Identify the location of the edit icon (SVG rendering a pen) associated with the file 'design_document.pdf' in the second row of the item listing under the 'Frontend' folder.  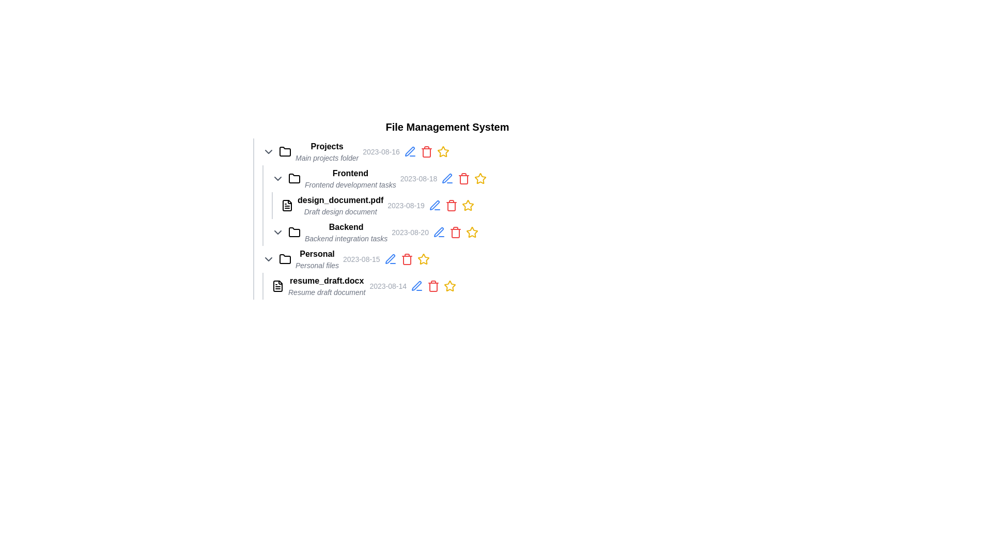
(390, 258).